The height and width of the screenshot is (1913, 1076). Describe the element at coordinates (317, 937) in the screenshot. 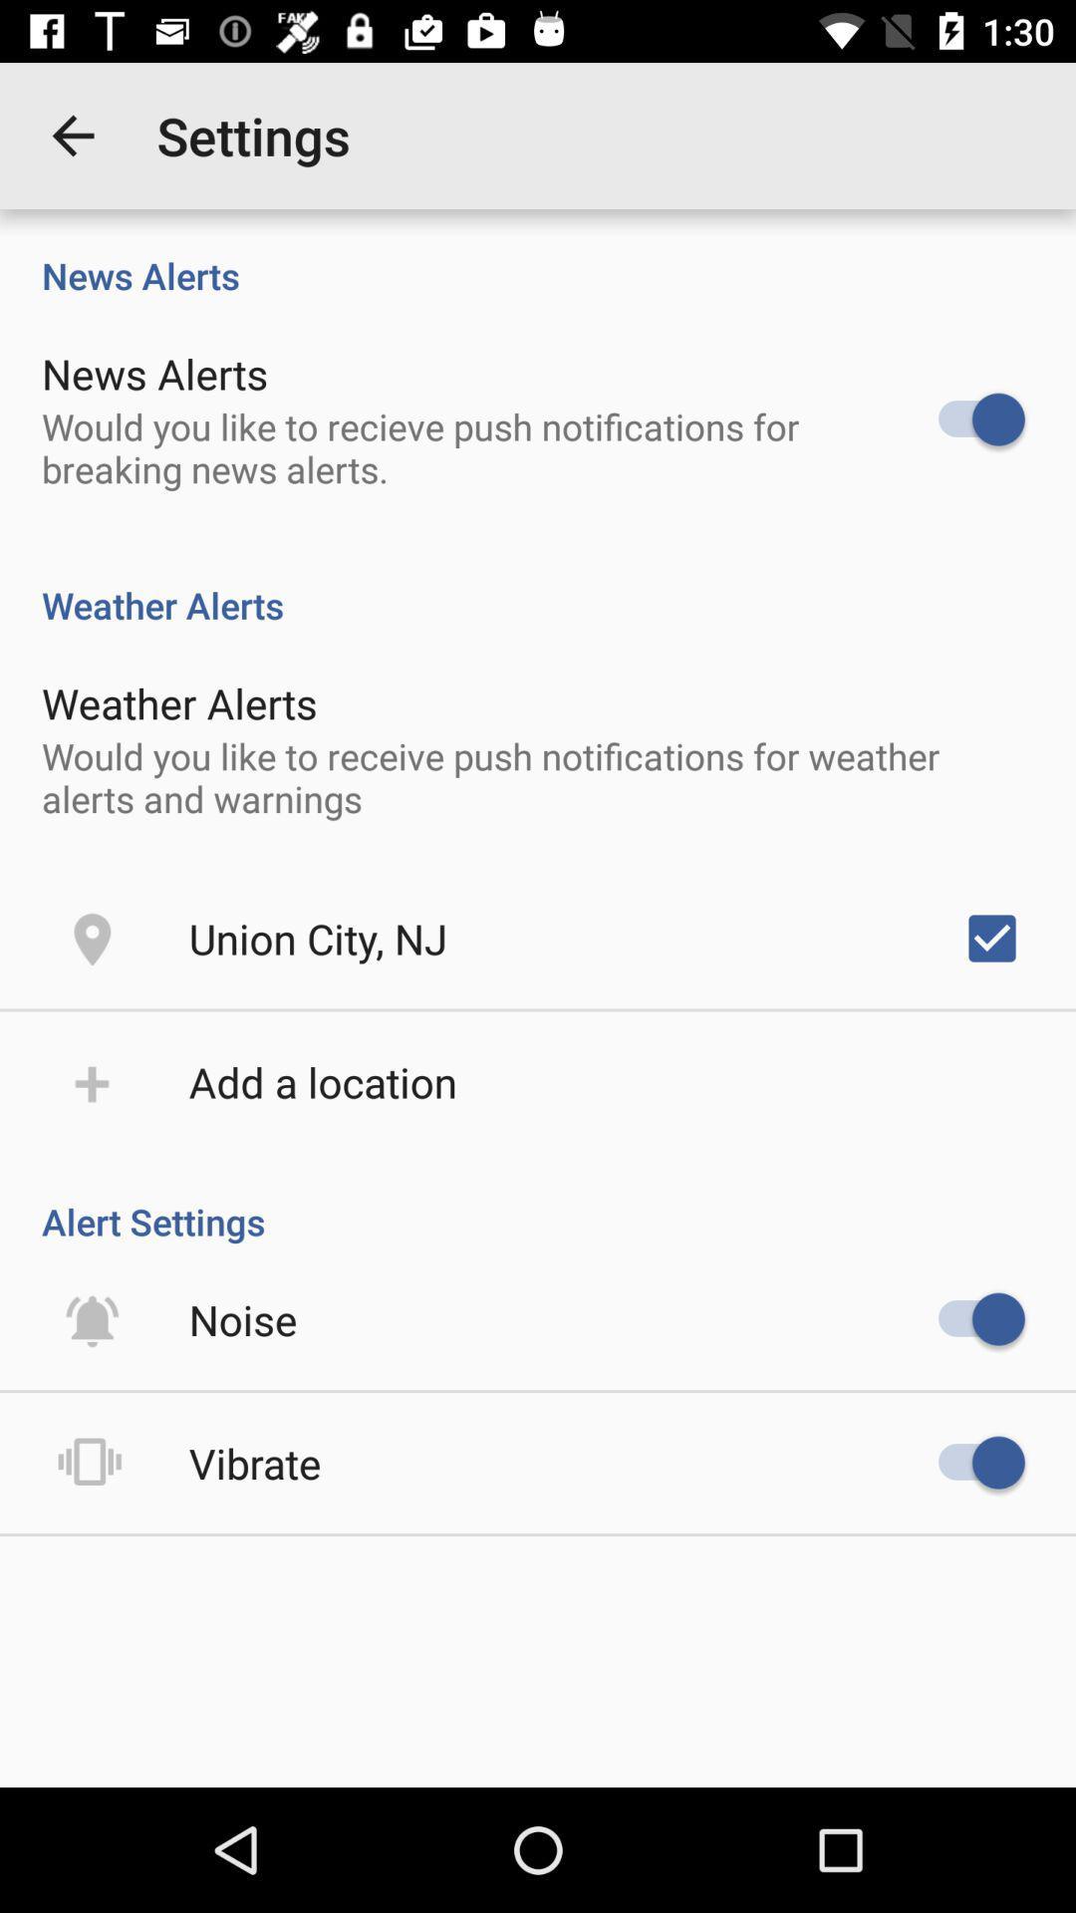

I see `the union city, nj icon` at that location.